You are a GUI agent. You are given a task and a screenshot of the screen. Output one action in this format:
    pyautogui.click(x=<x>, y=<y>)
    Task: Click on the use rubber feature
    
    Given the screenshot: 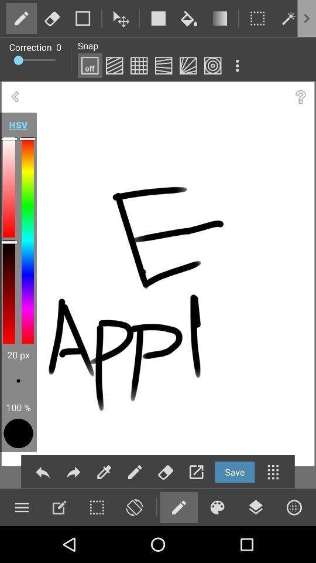 What is the action you would take?
    pyautogui.click(x=51, y=18)
    